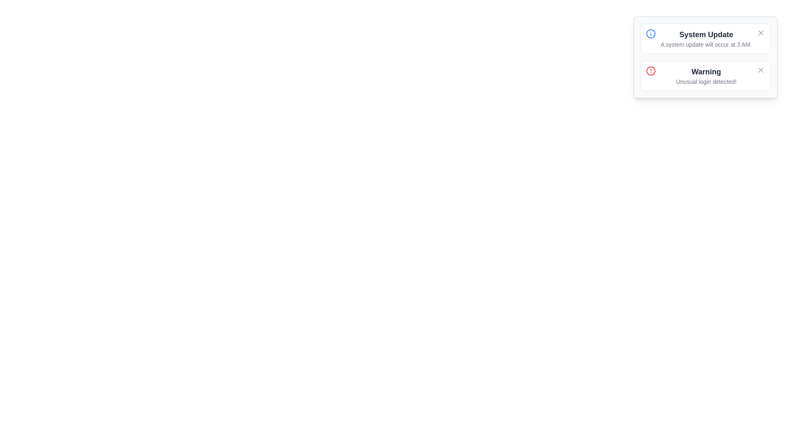 This screenshot has height=446, width=794. Describe the element at coordinates (706, 38) in the screenshot. I see `the text block displaying the heading 'System Update' and the description 'A system update will occur at 3 AM.'` at that location.